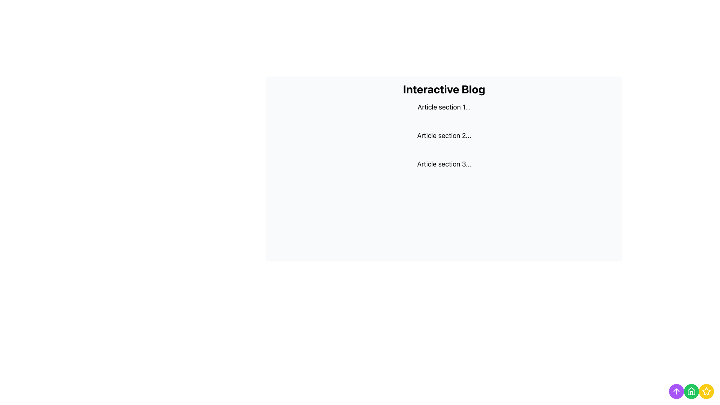  I want to click on the star icon located in the bottom right corner of the interface, so click(706, 391).